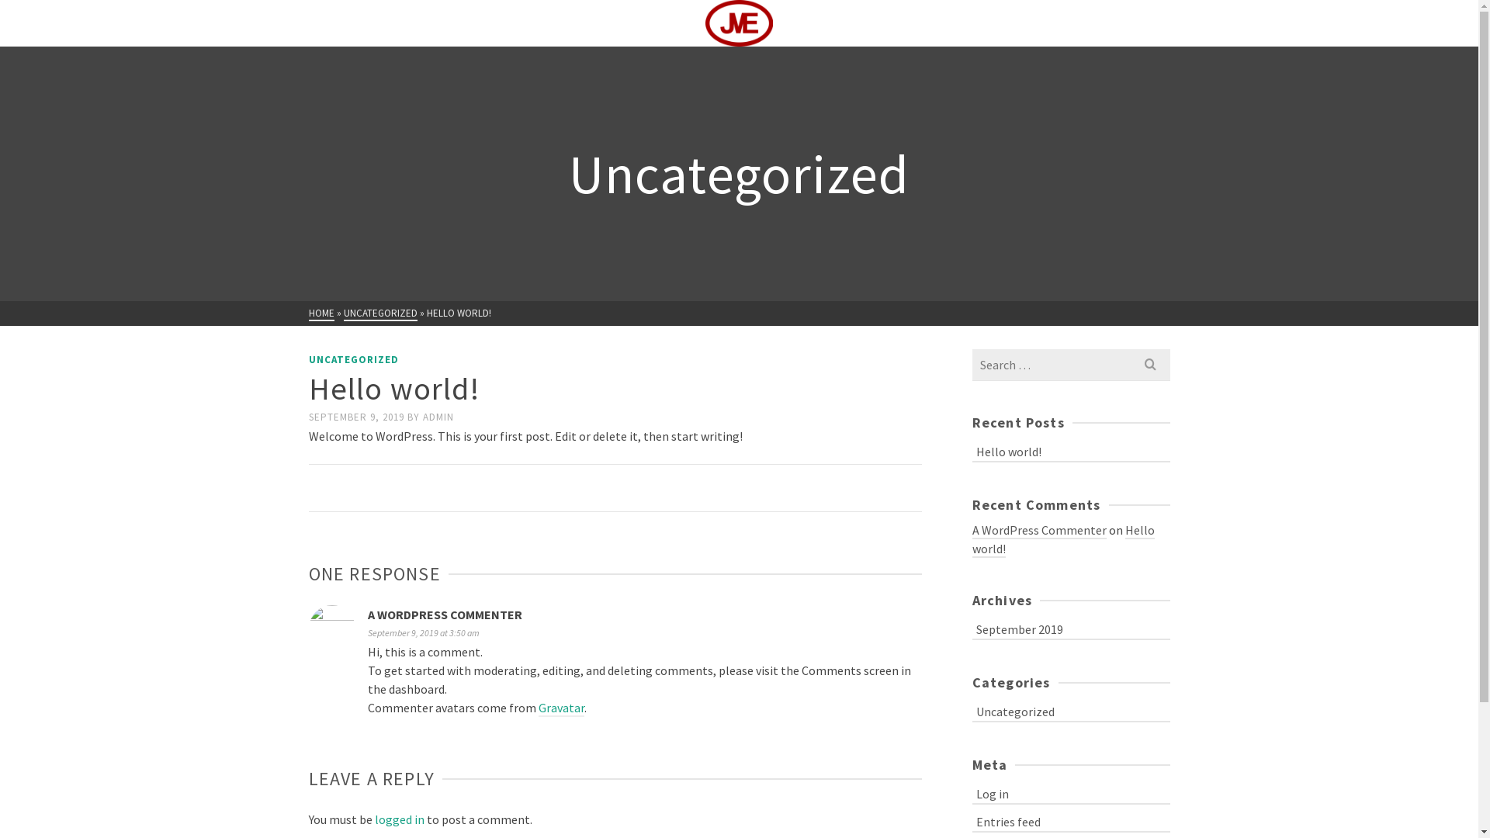  Describe the element at coordinates (424, 632) in the screenshot. I see `'September 9, 2019 at 3:50 am'` at that location.